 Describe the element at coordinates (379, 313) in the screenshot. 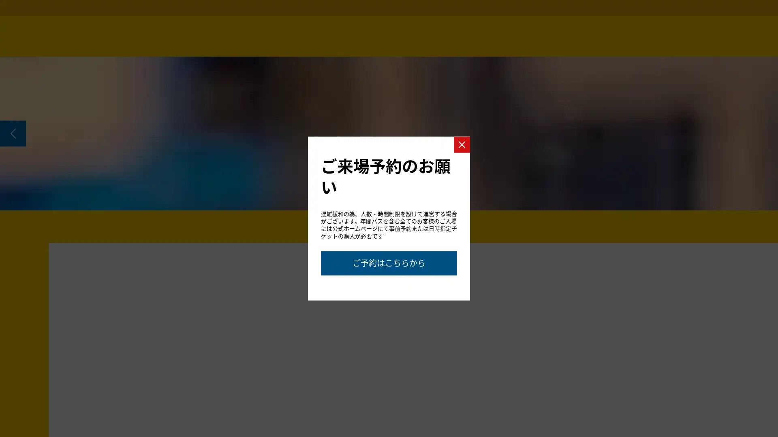

I see `Go to slide 1` at that location.